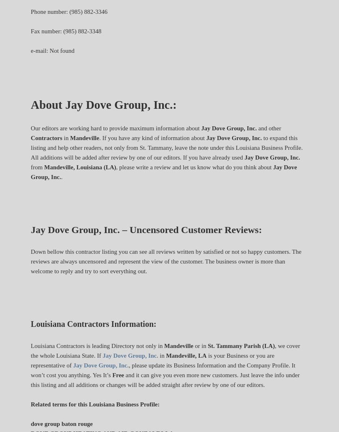  Describe the element at coordinates (165, 350) in the screenshot. I see `', we cover the whole Louisiana State. If'` at that location.